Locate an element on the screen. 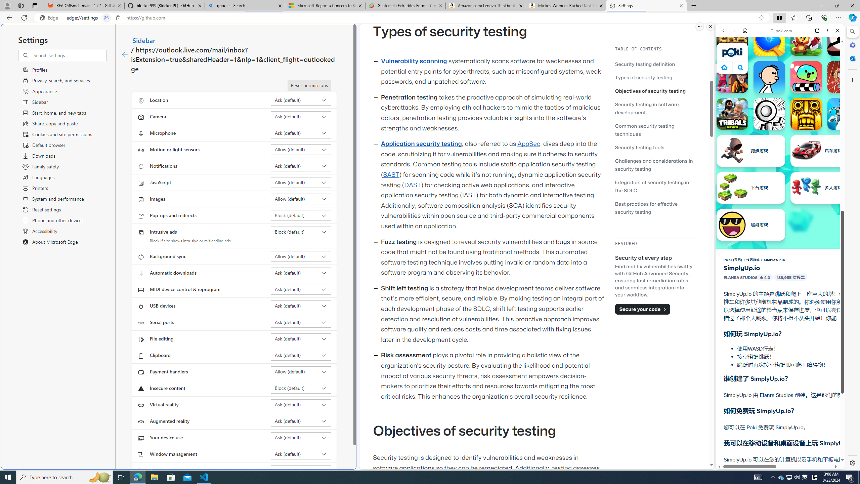  'Io Games' is located at coordinates (779, 207).